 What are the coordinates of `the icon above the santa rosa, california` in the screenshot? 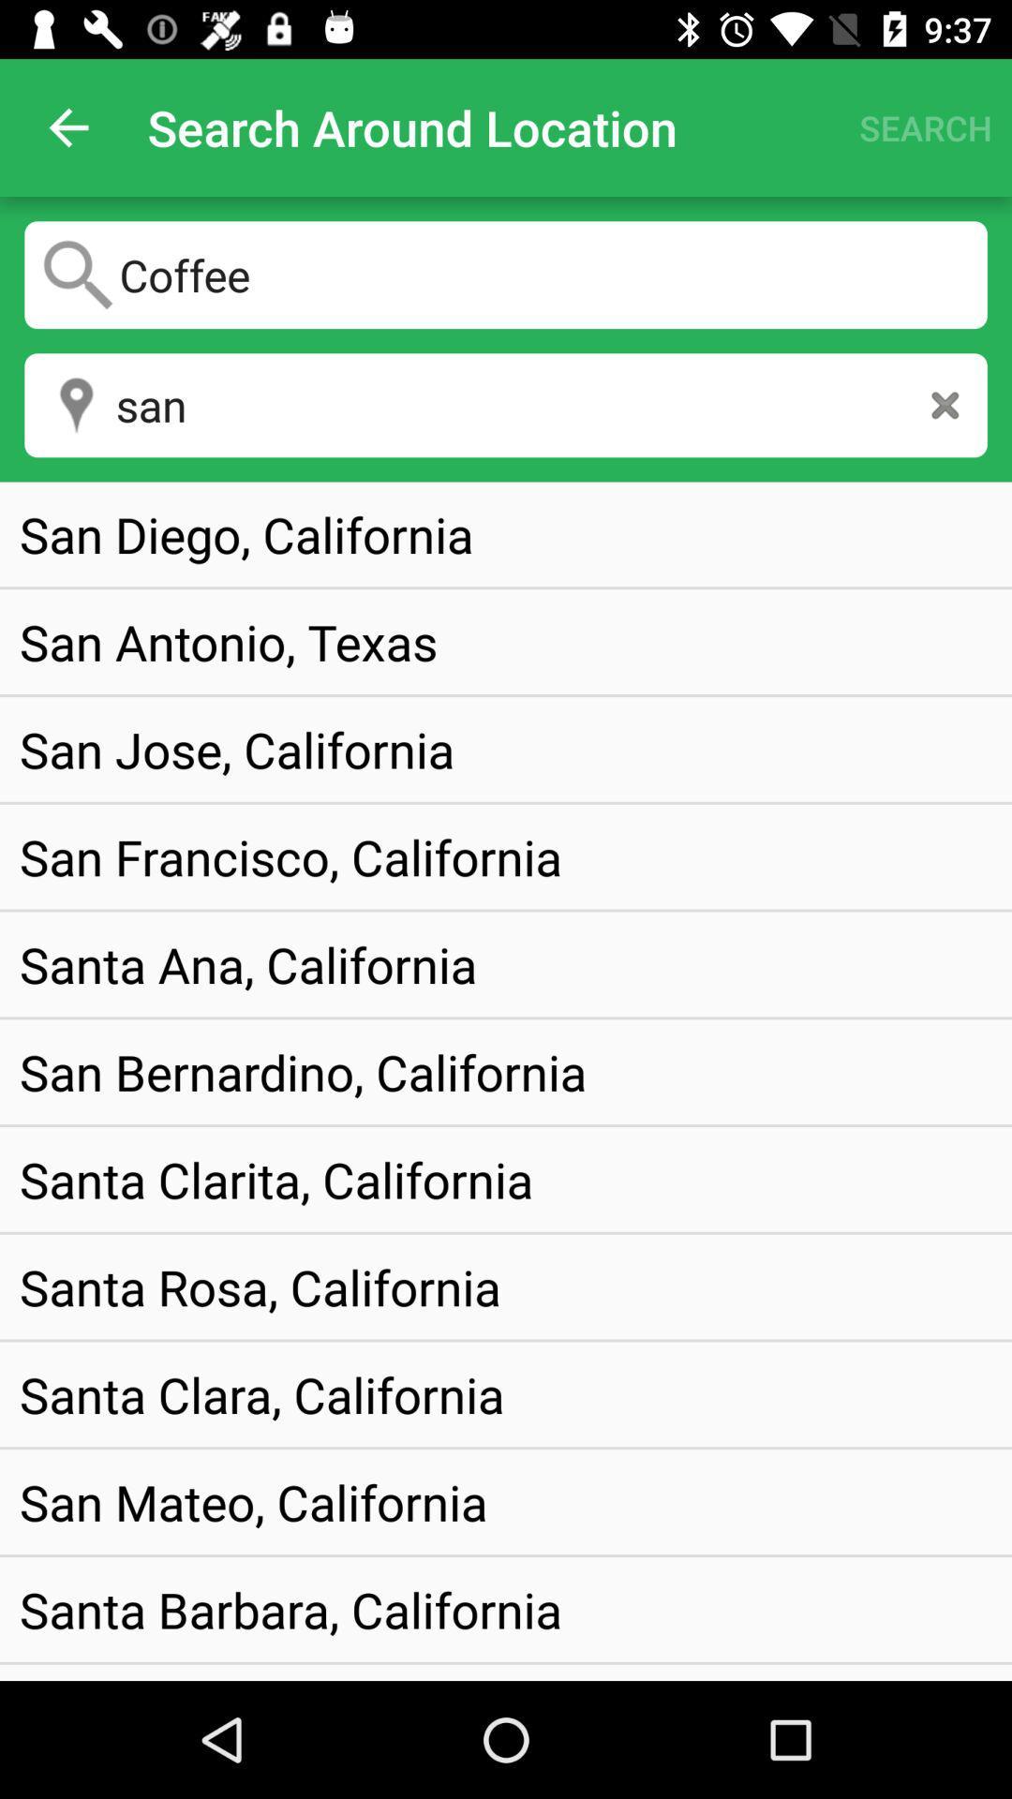 It's located at (276, 1178).